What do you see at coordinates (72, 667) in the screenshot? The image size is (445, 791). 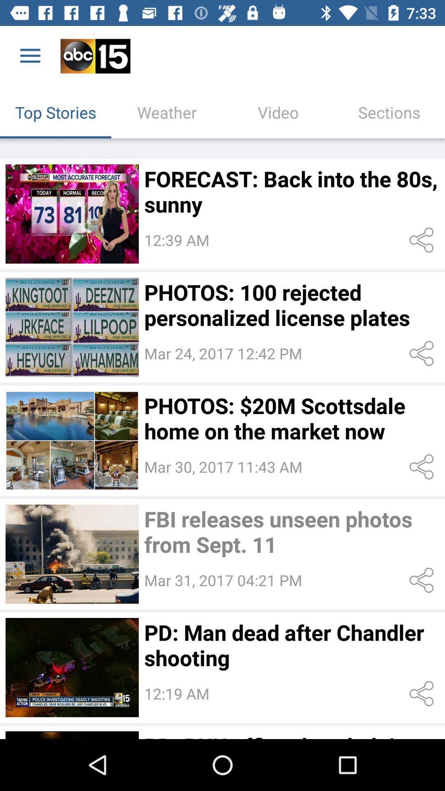 I see `pictures` at bounding box center [72, 667].